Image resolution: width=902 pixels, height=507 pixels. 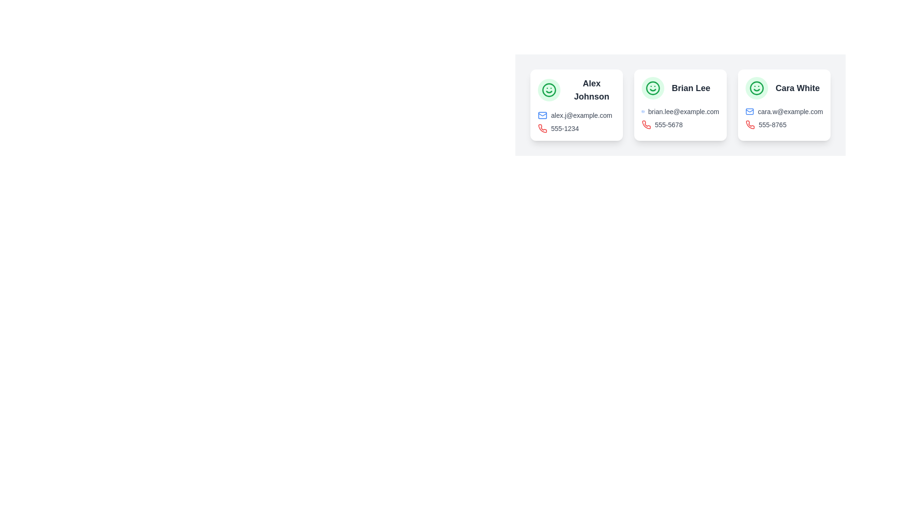 What do you see at coordinates (543, 115) in the screenshot?
I see `the decorative graphic element of the mail envelope icon associated with Alex Johnson's email address` at bounding box center [543, 115].